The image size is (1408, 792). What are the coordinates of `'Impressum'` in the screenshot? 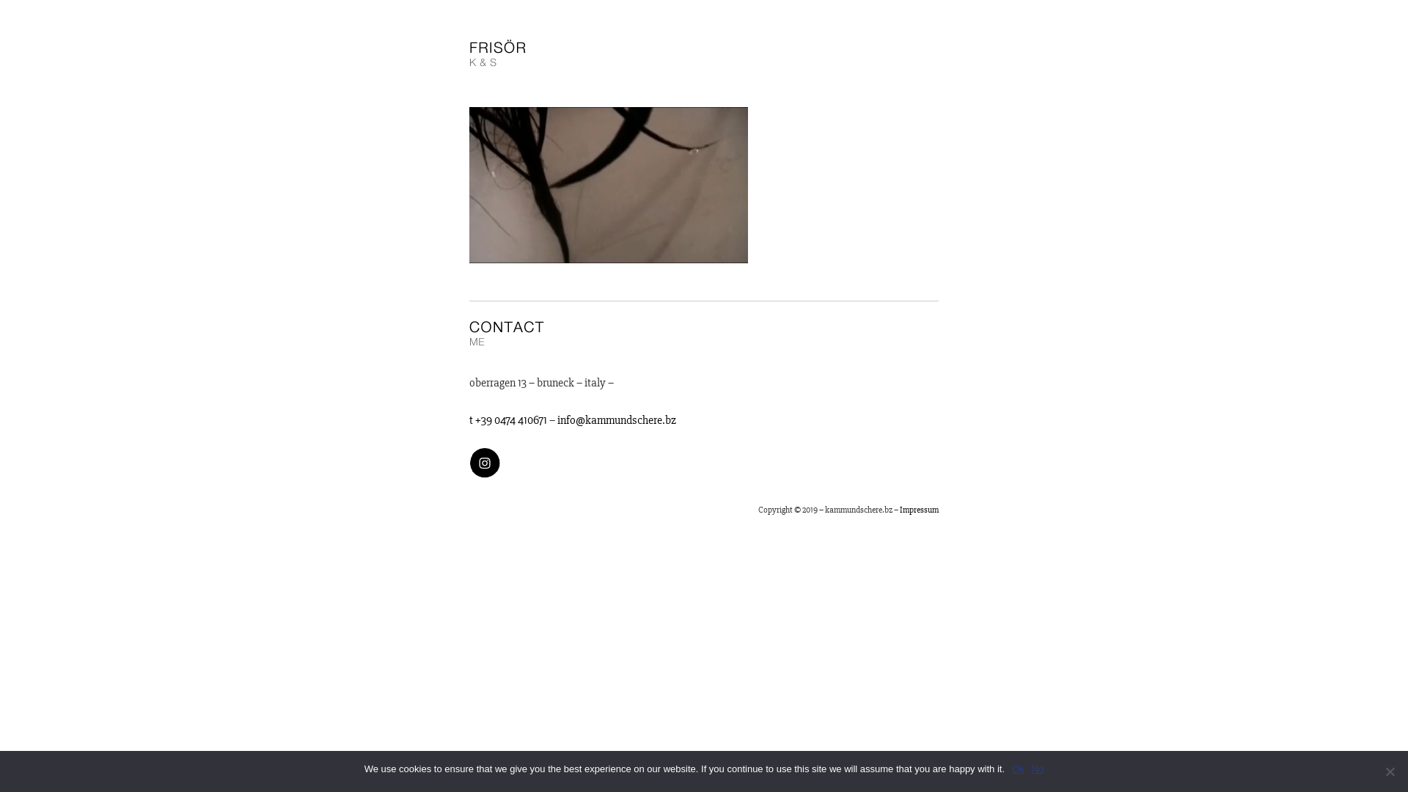 It's located at (899, 509).